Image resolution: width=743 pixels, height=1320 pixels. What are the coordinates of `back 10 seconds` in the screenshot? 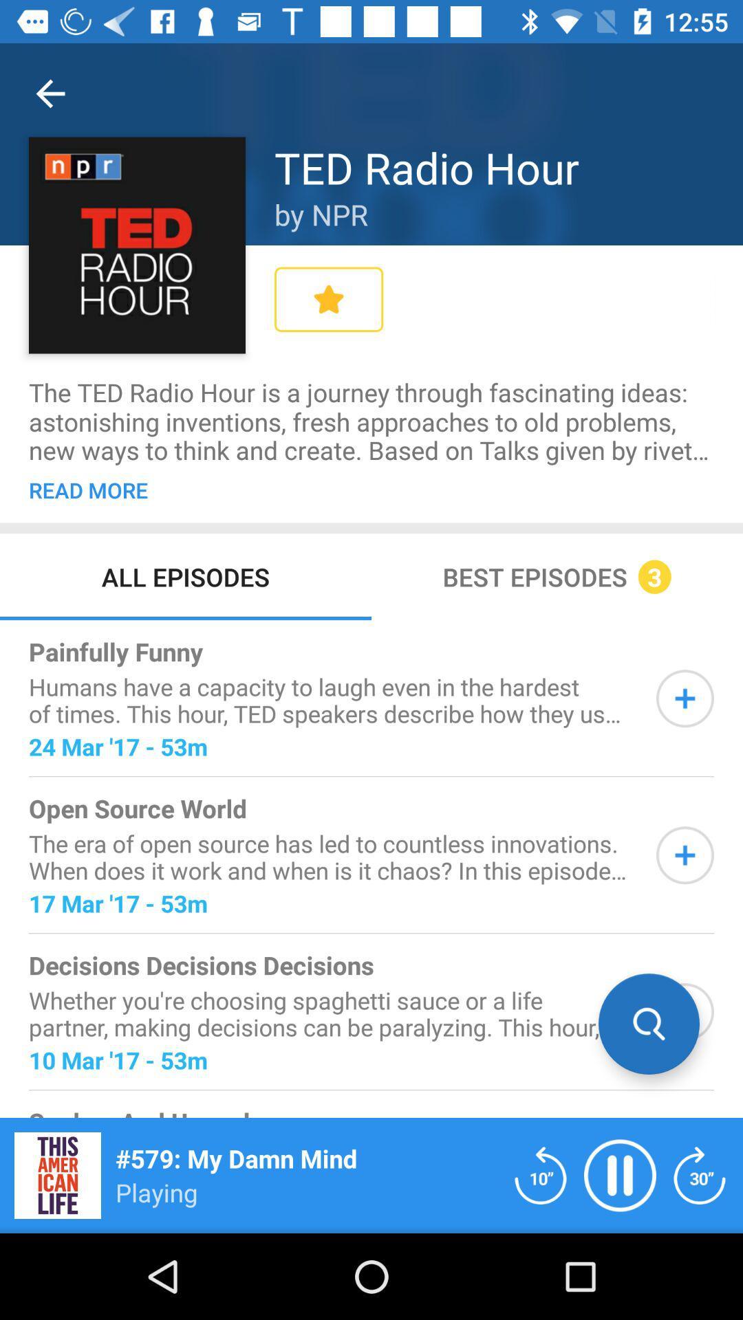 It's located at (540, 1174).